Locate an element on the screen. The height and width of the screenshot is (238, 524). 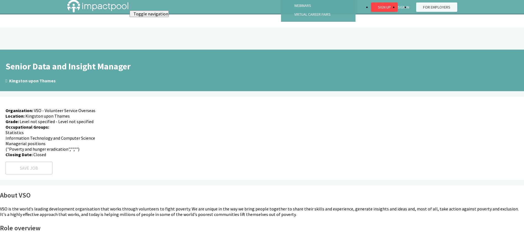
'Tel Aviv' is located at coordinates (14, 63).